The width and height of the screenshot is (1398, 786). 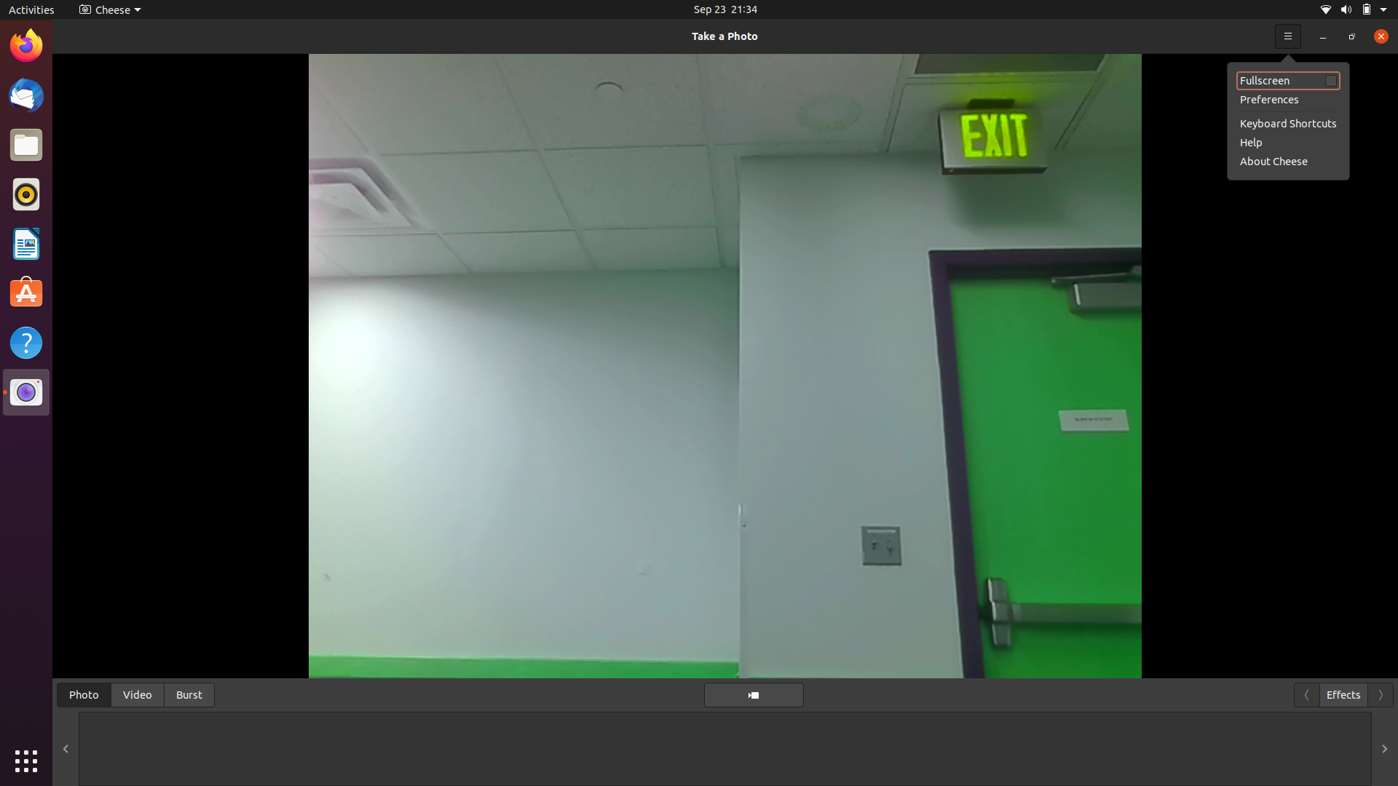 I want to click on See help information for the camera, so click(x=1288, y=34).